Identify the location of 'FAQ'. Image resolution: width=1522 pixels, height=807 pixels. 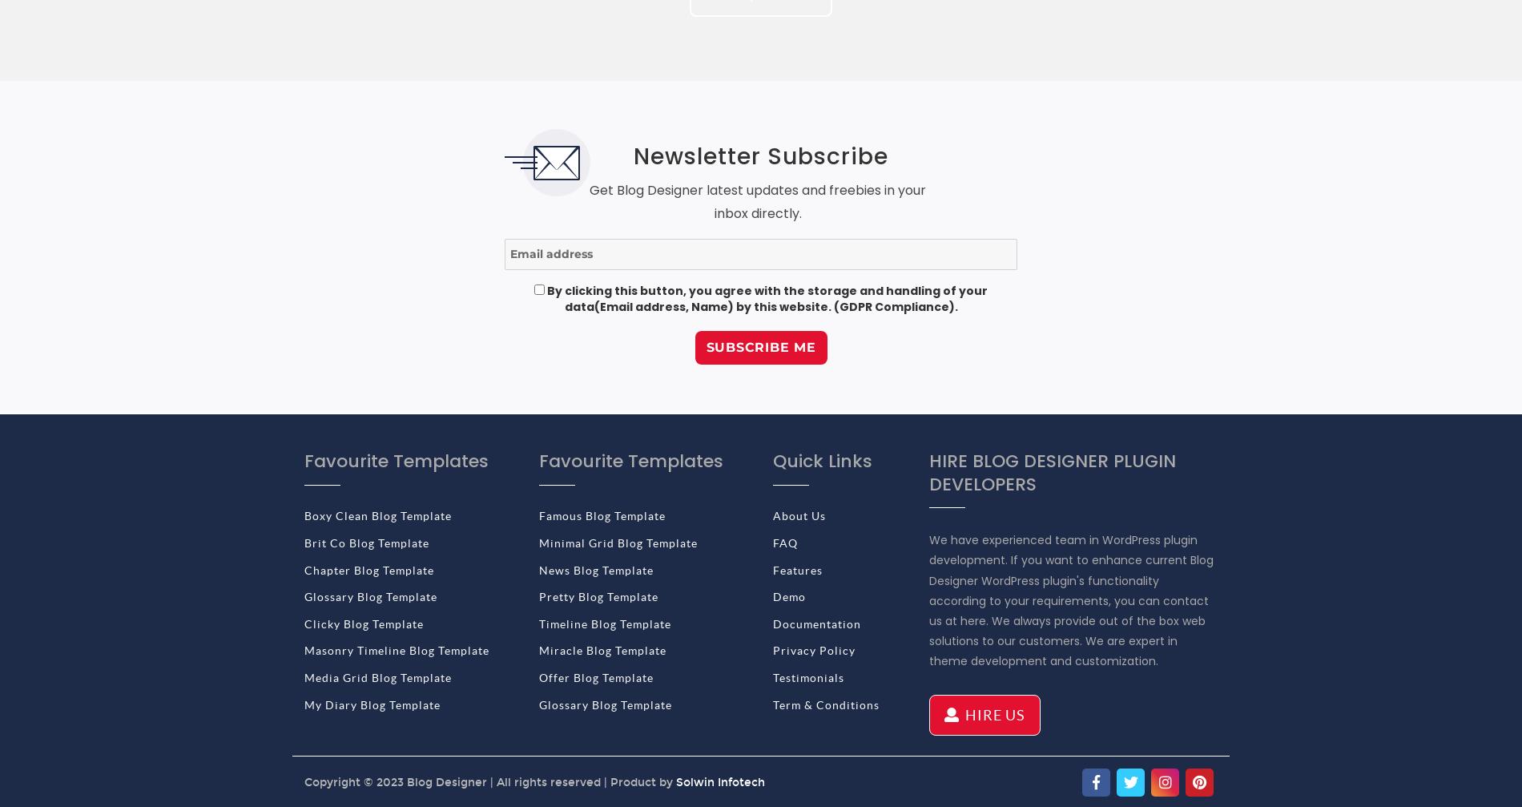
(785, 542).